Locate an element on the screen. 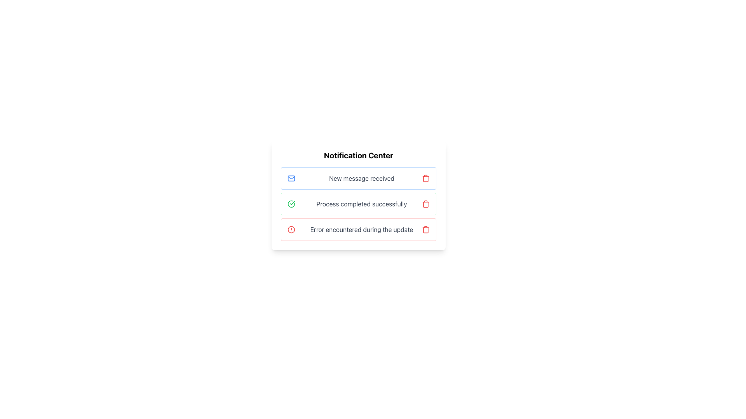 This screenshot has width=746, height=419. the red trash can icon at the far-right end of the 'New message received' notification row is located at coordinates (425, 178).